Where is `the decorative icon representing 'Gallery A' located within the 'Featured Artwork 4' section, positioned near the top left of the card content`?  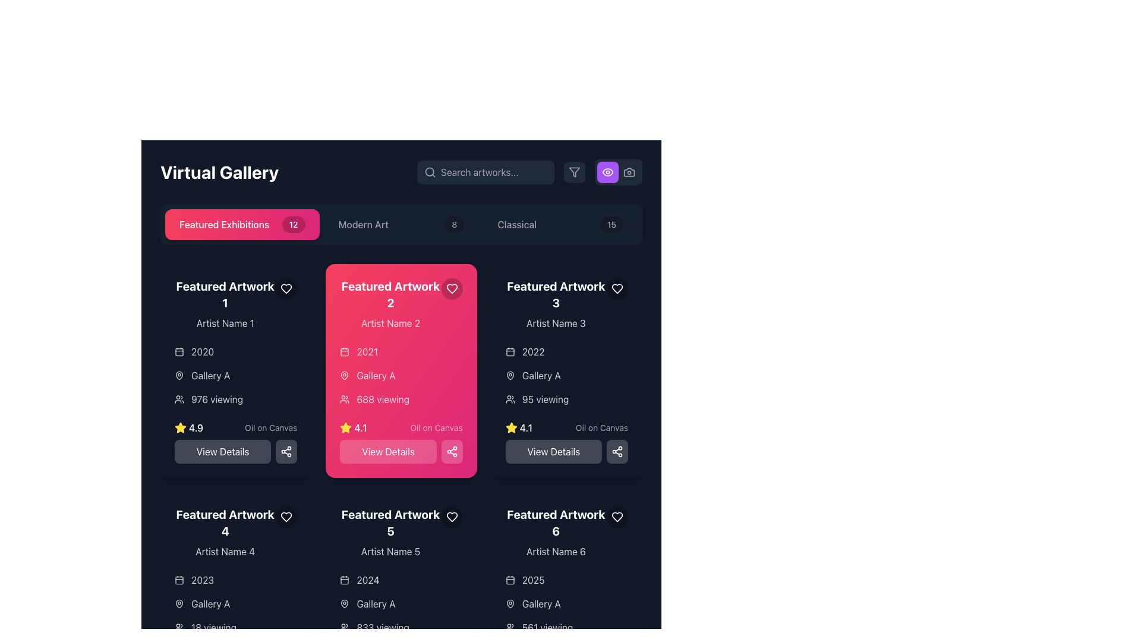
the decorative icon representing 'Gallery A' located within the 'Featured Artwork 4' section, positioned near the top left of the card content is located at coordinates (179, 603).